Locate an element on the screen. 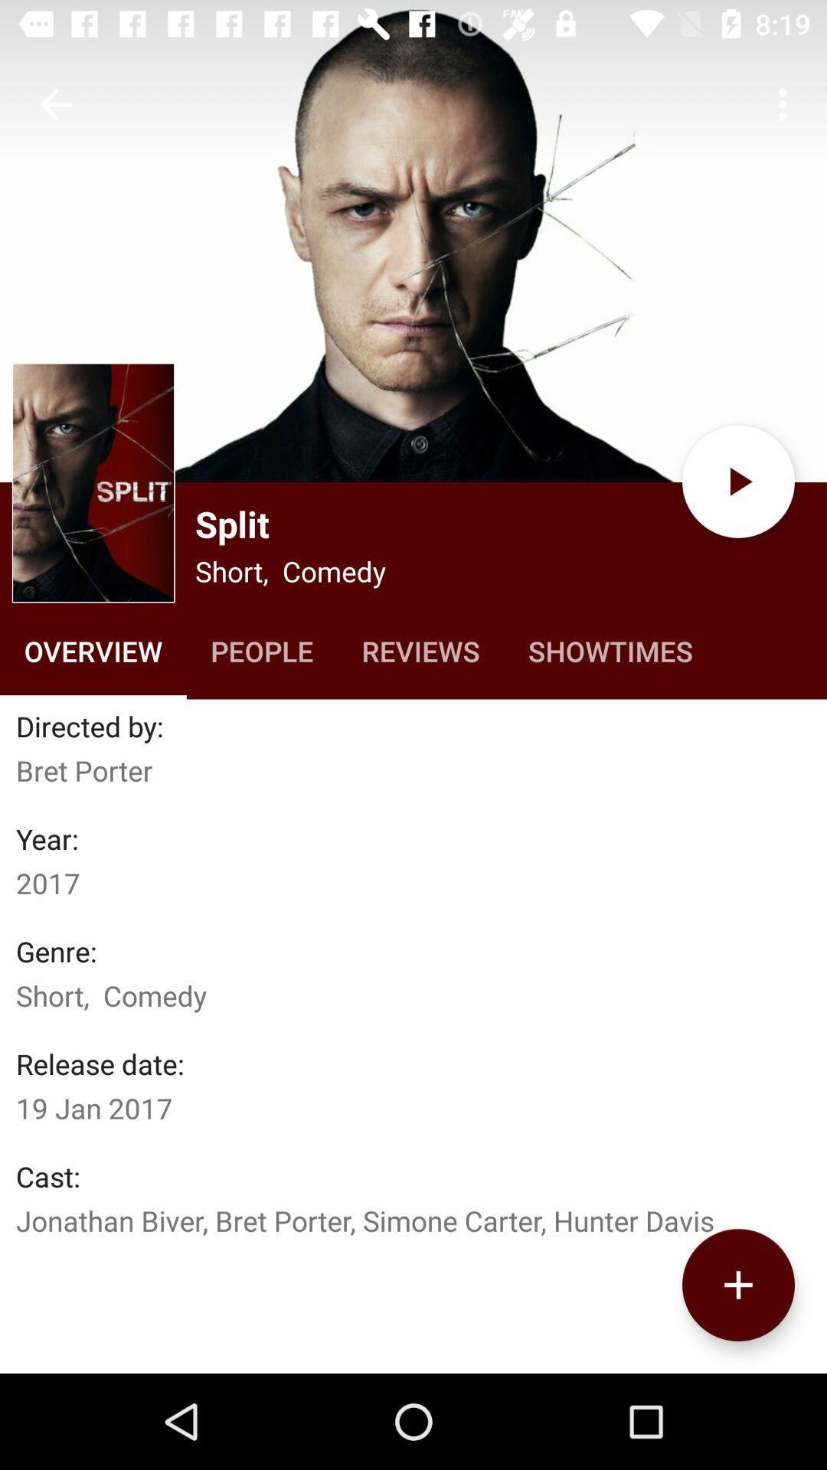 This screenshot has height=1470, width=827. the icon above the overview icon is located at coordinates (93, 482).